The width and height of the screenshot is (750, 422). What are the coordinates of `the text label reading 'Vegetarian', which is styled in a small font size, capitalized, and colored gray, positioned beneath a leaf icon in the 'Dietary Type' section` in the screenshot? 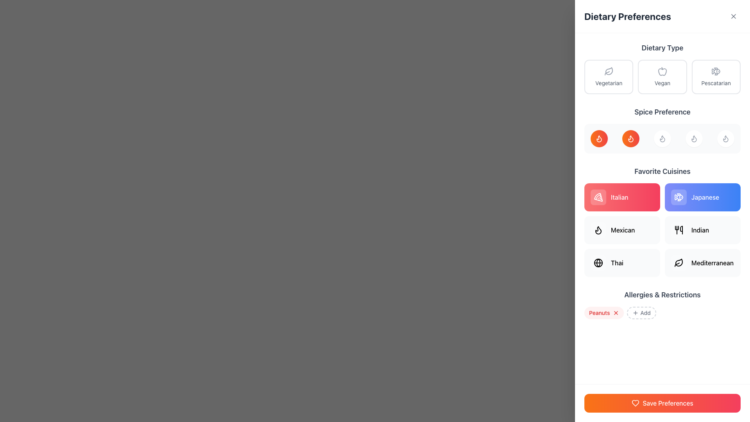 It's located at (608, 83).